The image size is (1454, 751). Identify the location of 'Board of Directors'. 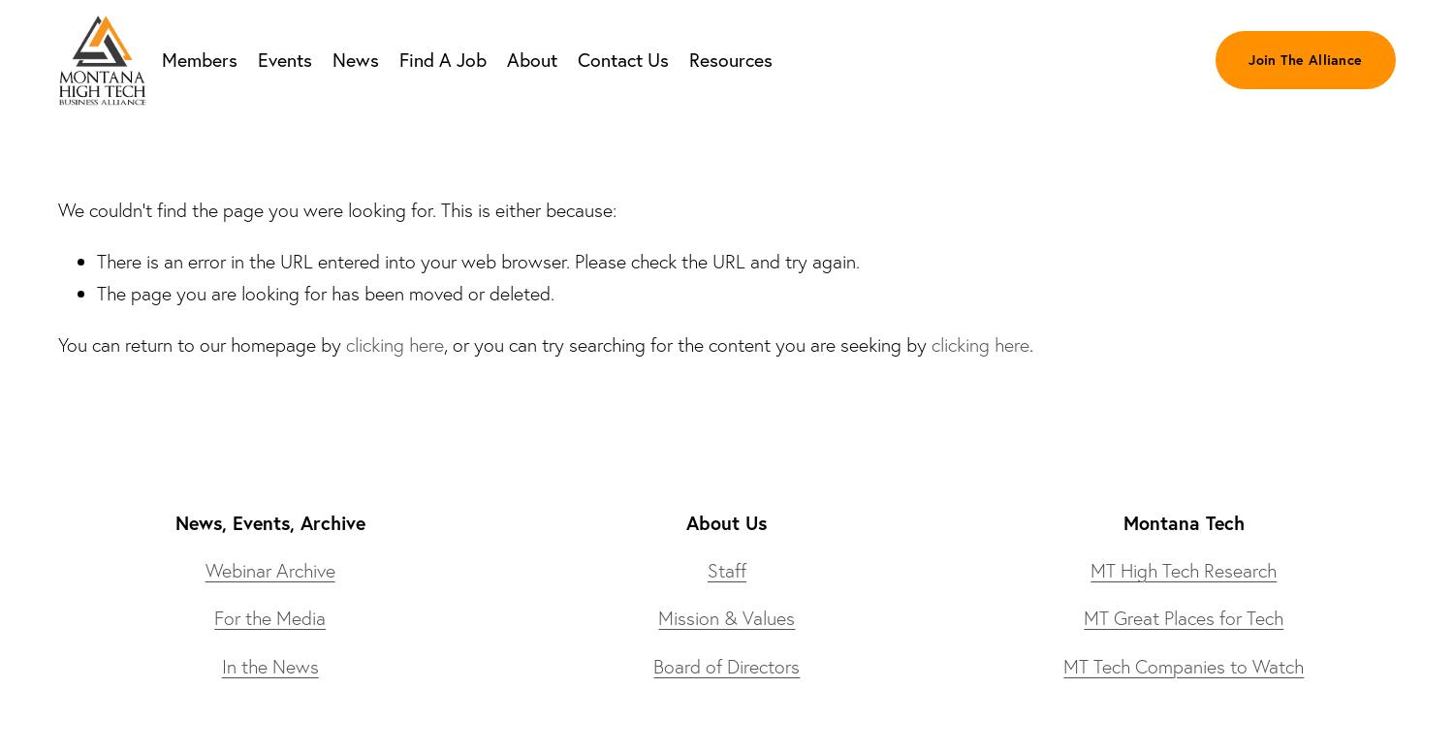
(725, 664).